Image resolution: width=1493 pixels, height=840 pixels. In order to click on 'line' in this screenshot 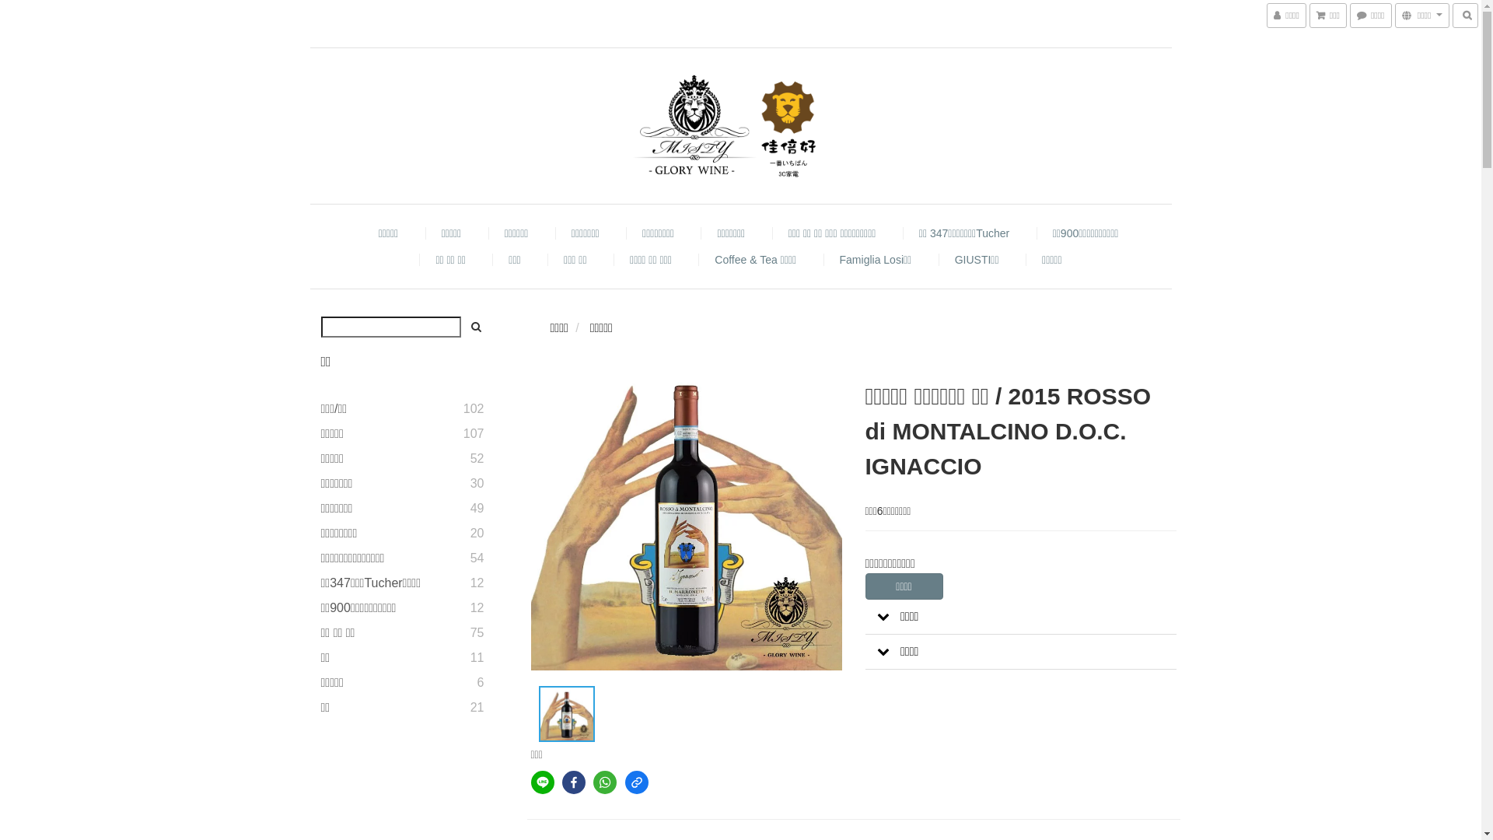, I will do `click(541, 782)`.